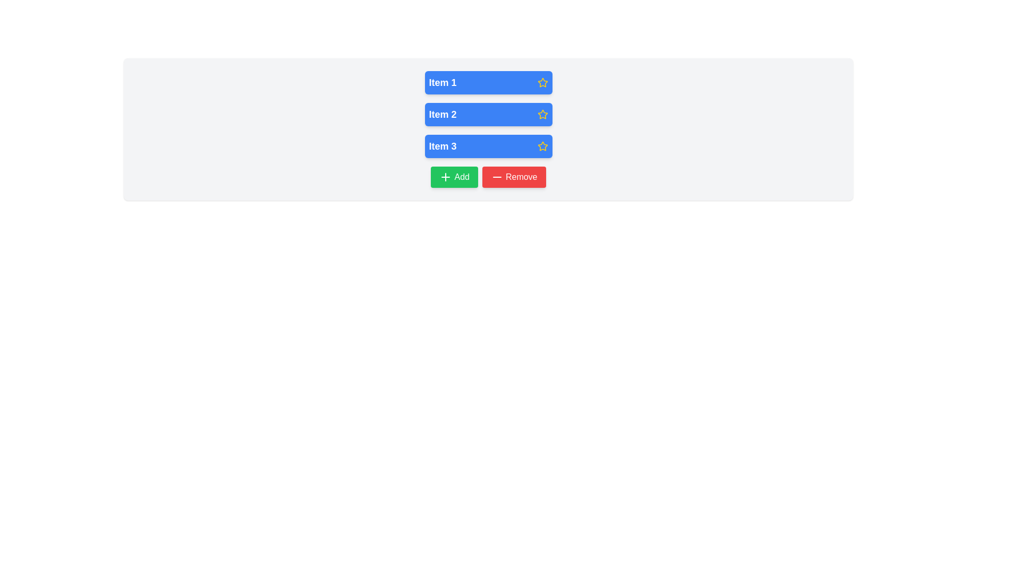 The image size is (1020, 573). What do you see at coordinates (443, 146) in the screenshot?
I see `text content of the bold, larger white text label displaying 'Item 3' inside the blue rounded button, which is the third button in a vertical stack of blue buttons` at bounding box center [443, 146].